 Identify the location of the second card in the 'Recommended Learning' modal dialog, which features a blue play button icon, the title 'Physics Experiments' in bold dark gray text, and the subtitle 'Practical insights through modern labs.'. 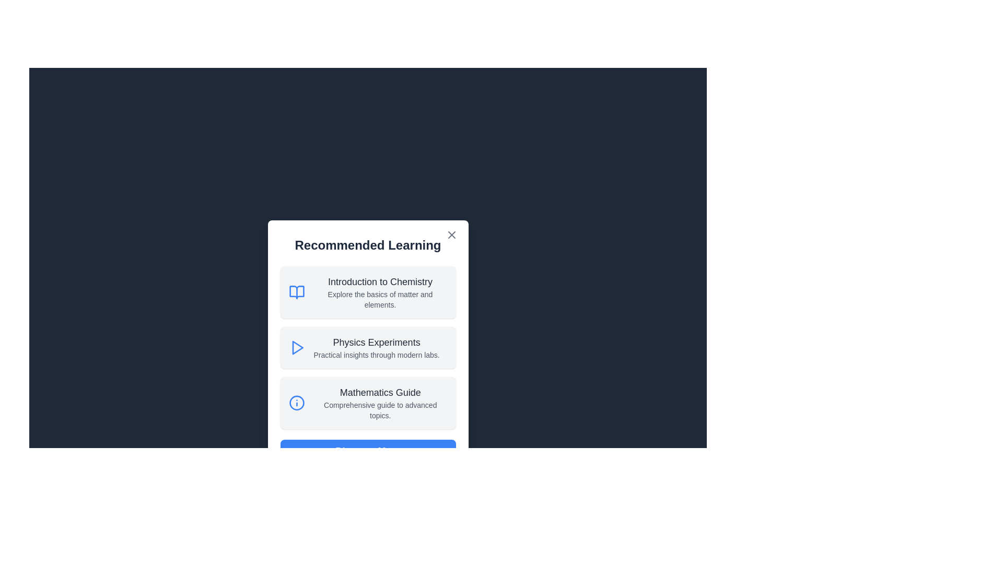
(368, 348).